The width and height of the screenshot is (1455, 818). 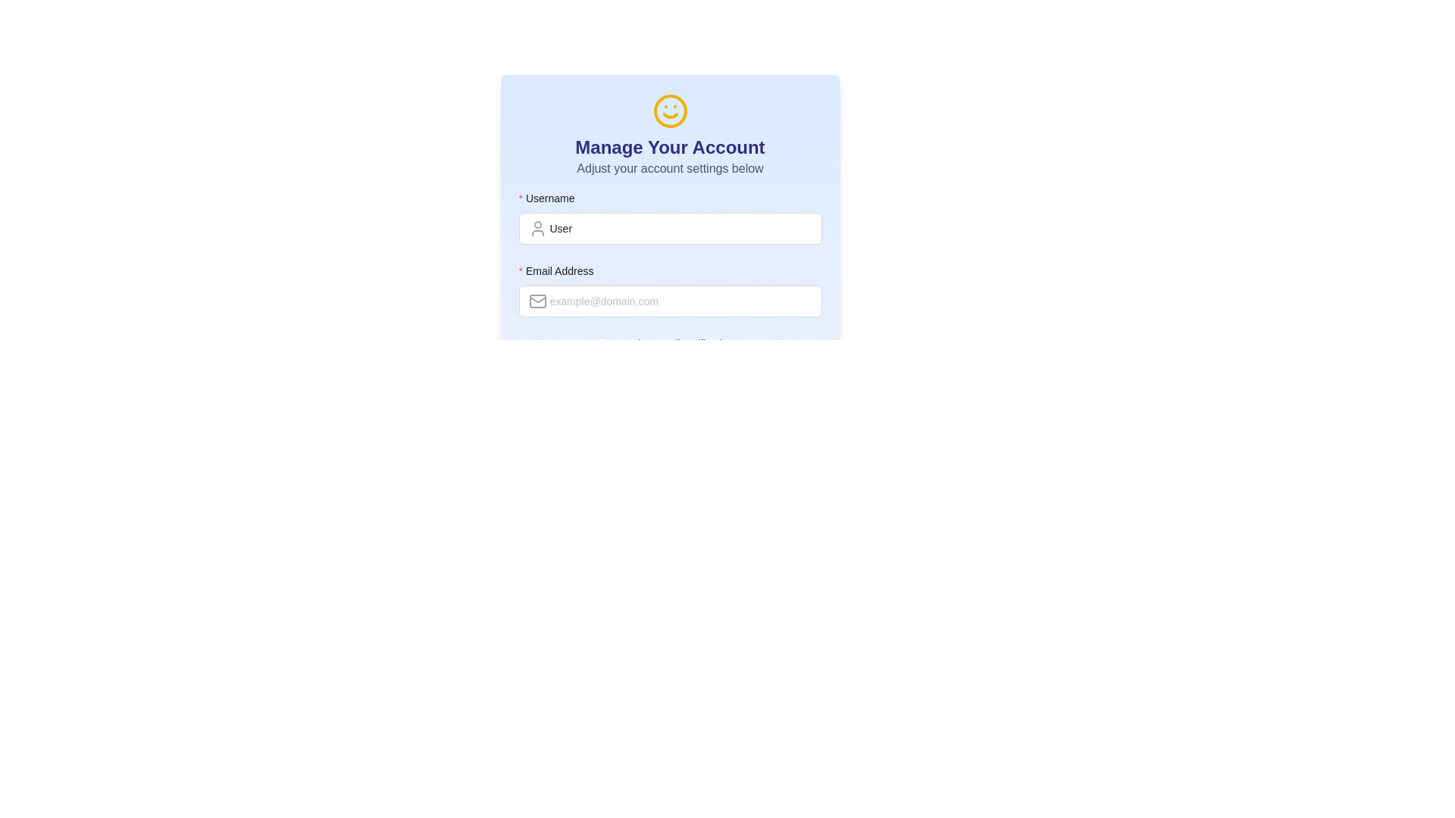 What do you see at coordinates (669, 169) in the screenshot?
I see `the text label that contains the message 'Adjust your account settings below', which is styled in light gray and positioned below the heading 'Manage Your Account'` at bounding box center [669, 169].